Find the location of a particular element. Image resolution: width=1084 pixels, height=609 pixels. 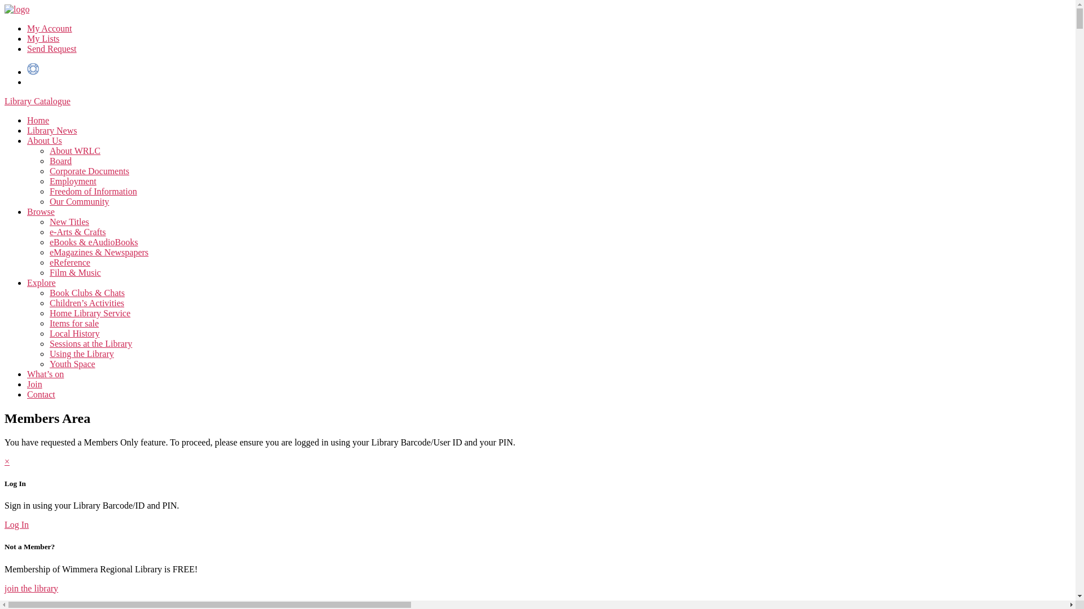

'Send Request' is located at coordinates (51, 48).